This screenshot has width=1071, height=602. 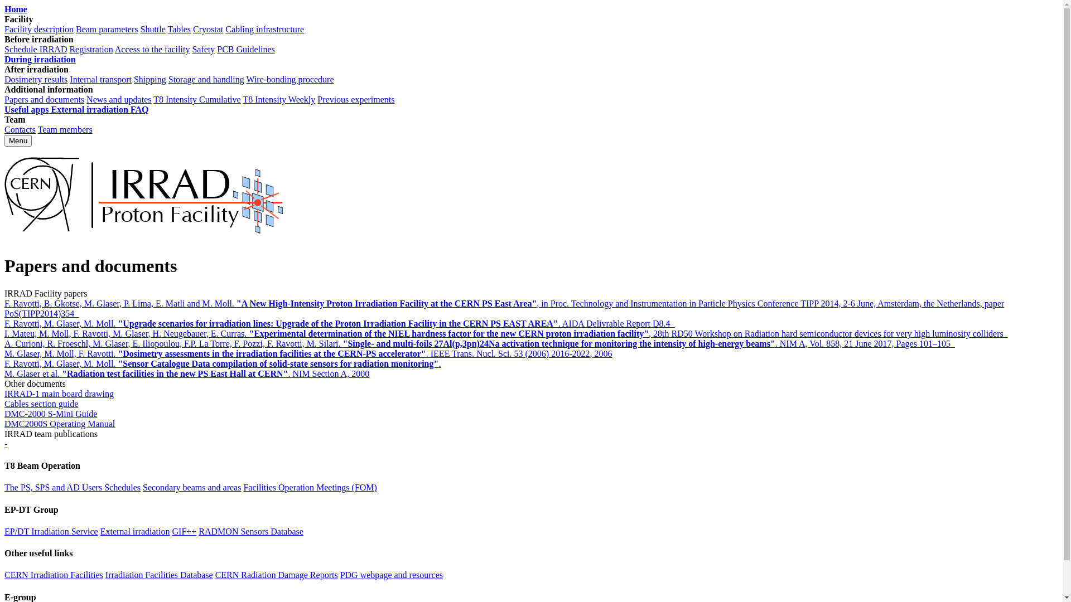 What do you see at coordinates (203, 48) in the screenshot?
I see `'Safety'` at bounding box center [203, 48].